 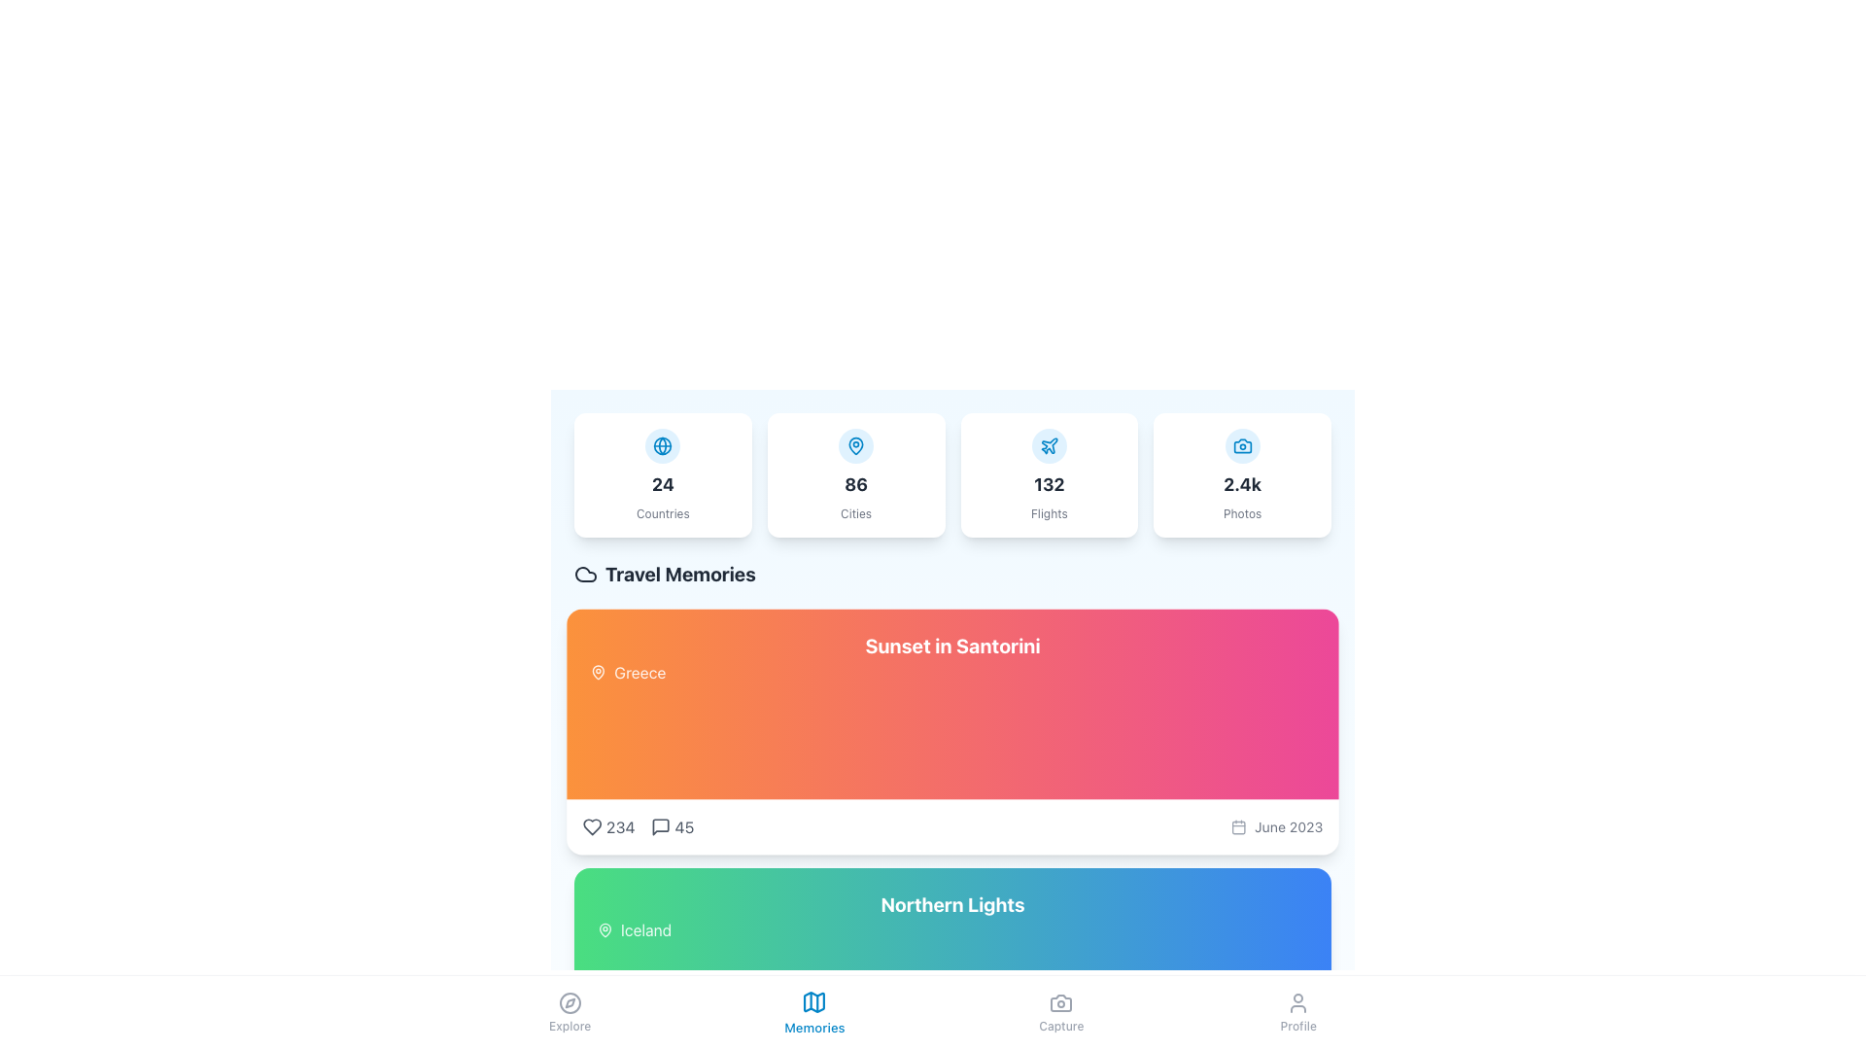 What do you see at coordinates (619, 826) in the screenshot?
I see `the numerical text element displaying '234' that is located to the right of the heart icon, within the card titled 'Sunset in Santorini'` at bounding box center [619, 826].